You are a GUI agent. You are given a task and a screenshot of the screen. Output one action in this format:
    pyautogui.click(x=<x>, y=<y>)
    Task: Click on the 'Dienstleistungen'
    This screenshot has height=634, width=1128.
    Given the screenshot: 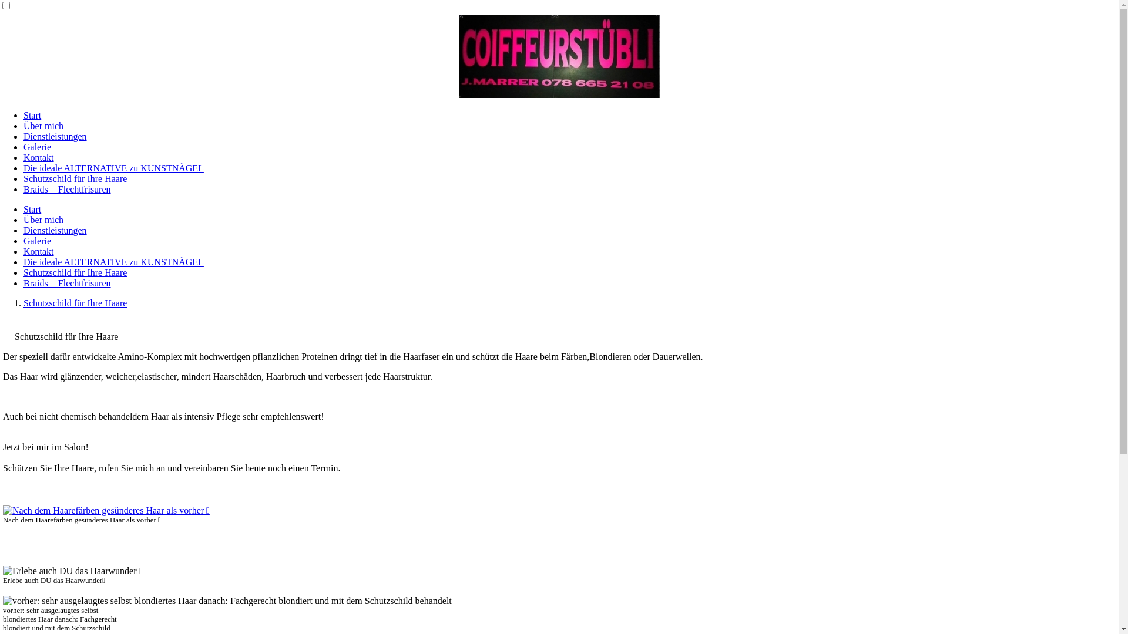 What is the action you would take?
    pyautogui.click(x=55, y=230)
    